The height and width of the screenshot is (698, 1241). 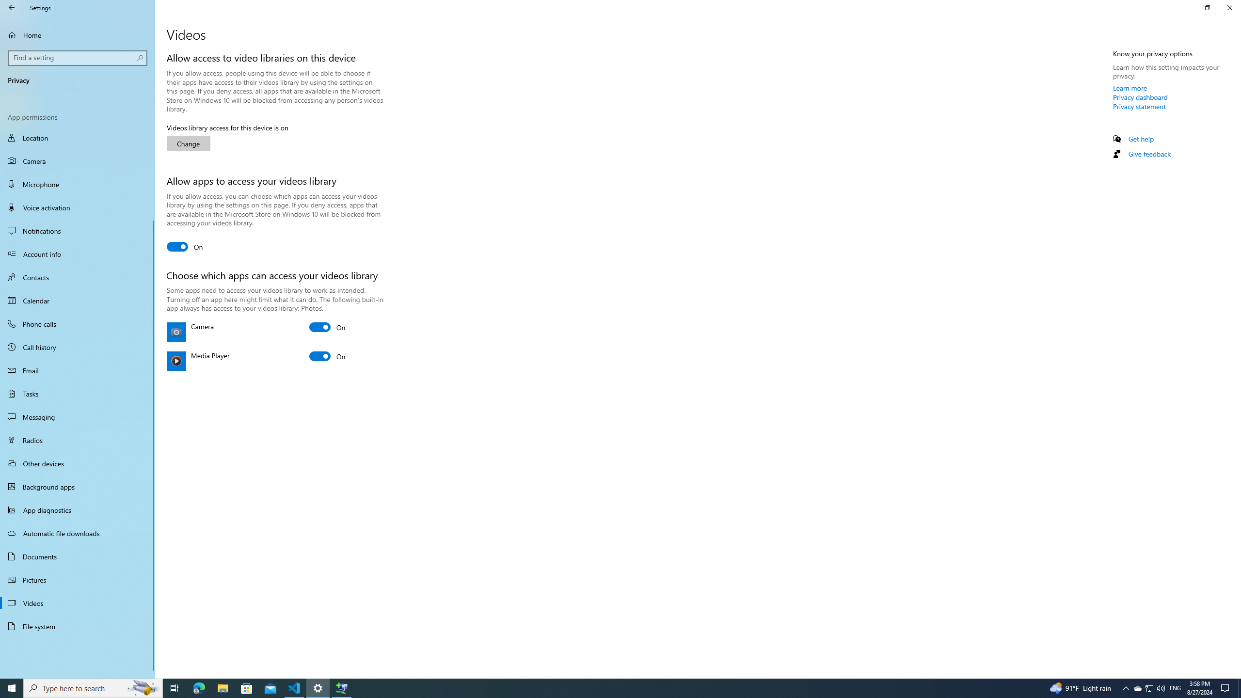 What do you see at coordinates (1140, 96) in the screenshot?
I see `'Privacy dashboard'` at bounding box center [1140, 96].